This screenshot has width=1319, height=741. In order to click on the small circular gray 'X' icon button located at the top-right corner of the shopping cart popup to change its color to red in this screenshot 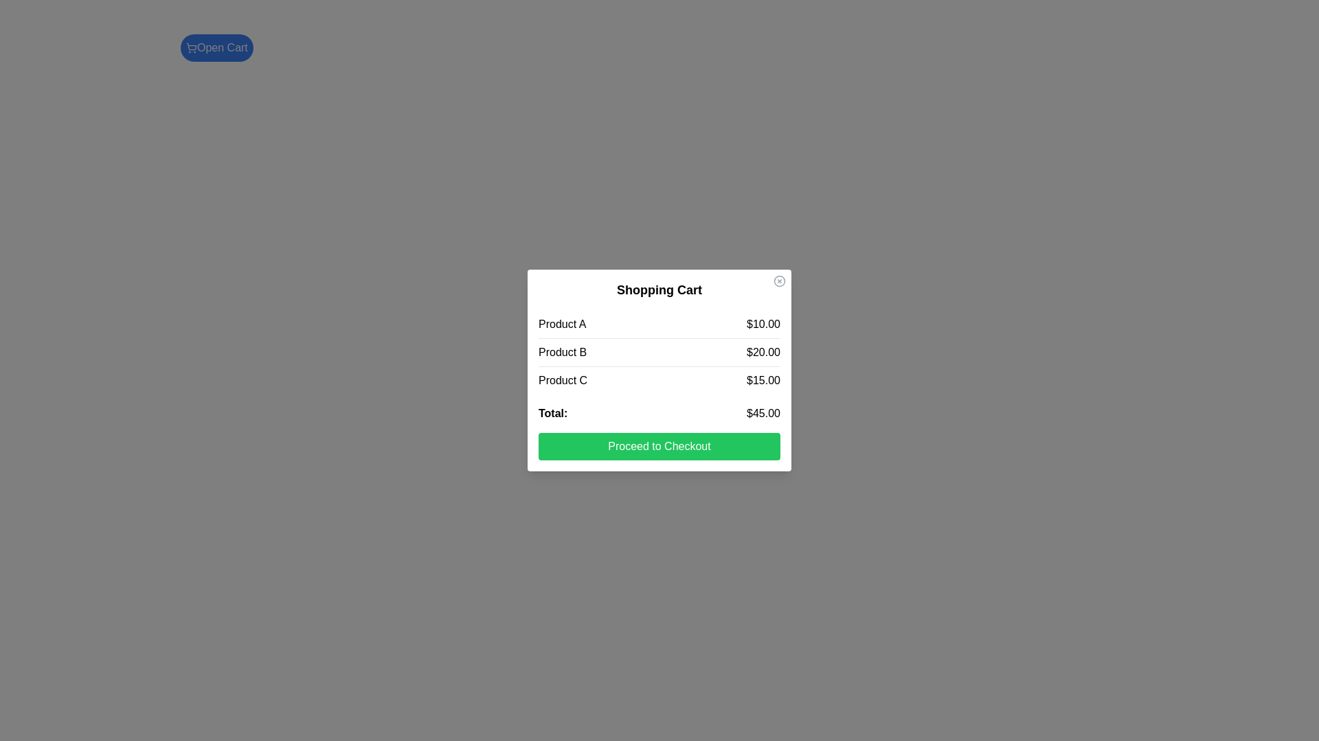, I will do `click(779, 280)`.